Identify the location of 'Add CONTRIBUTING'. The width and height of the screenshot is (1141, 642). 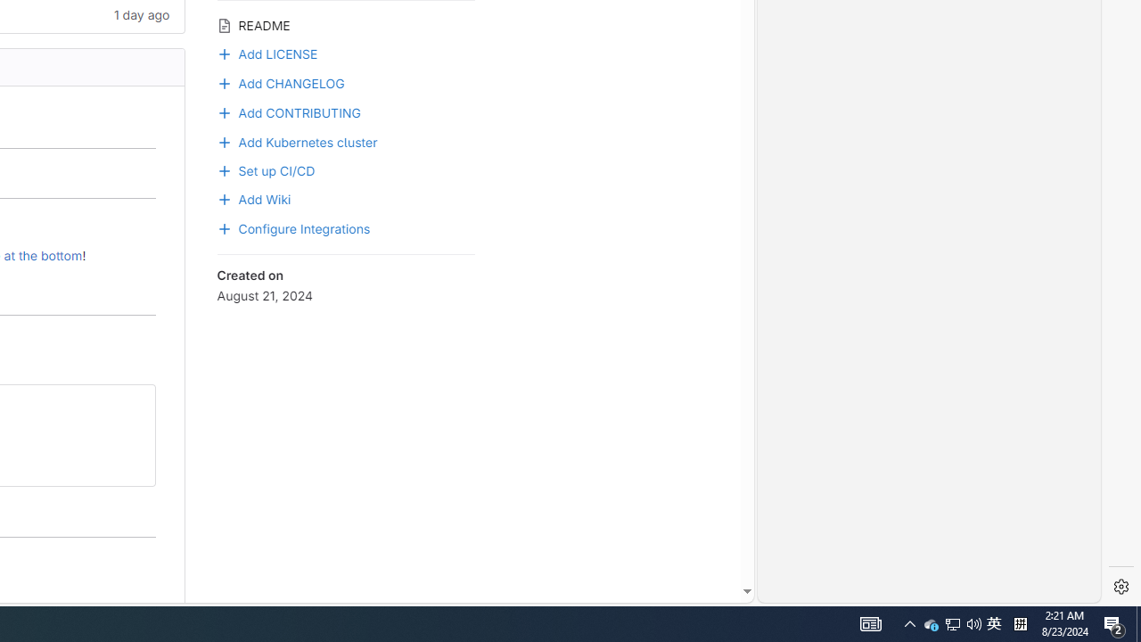
(288, 111).